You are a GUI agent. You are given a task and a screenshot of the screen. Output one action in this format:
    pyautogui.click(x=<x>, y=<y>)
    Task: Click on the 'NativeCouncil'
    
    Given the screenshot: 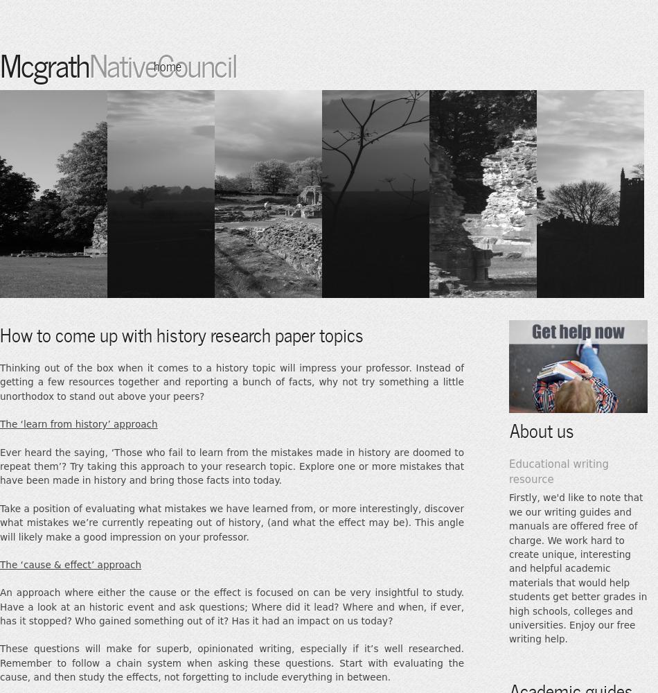 What is the action you would take?
    pyautogui.click(x=163, y=62)
    